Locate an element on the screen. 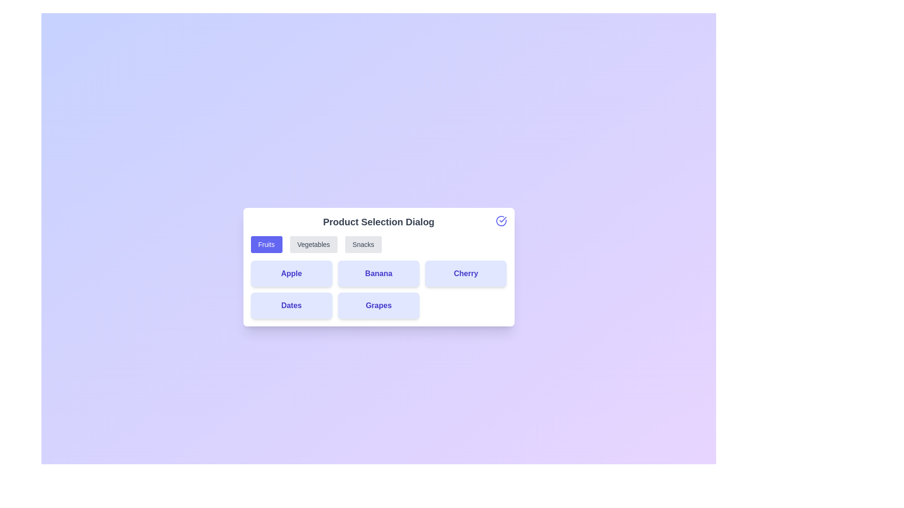  the product card labeled Cherry is located at coordinates (466, 274).